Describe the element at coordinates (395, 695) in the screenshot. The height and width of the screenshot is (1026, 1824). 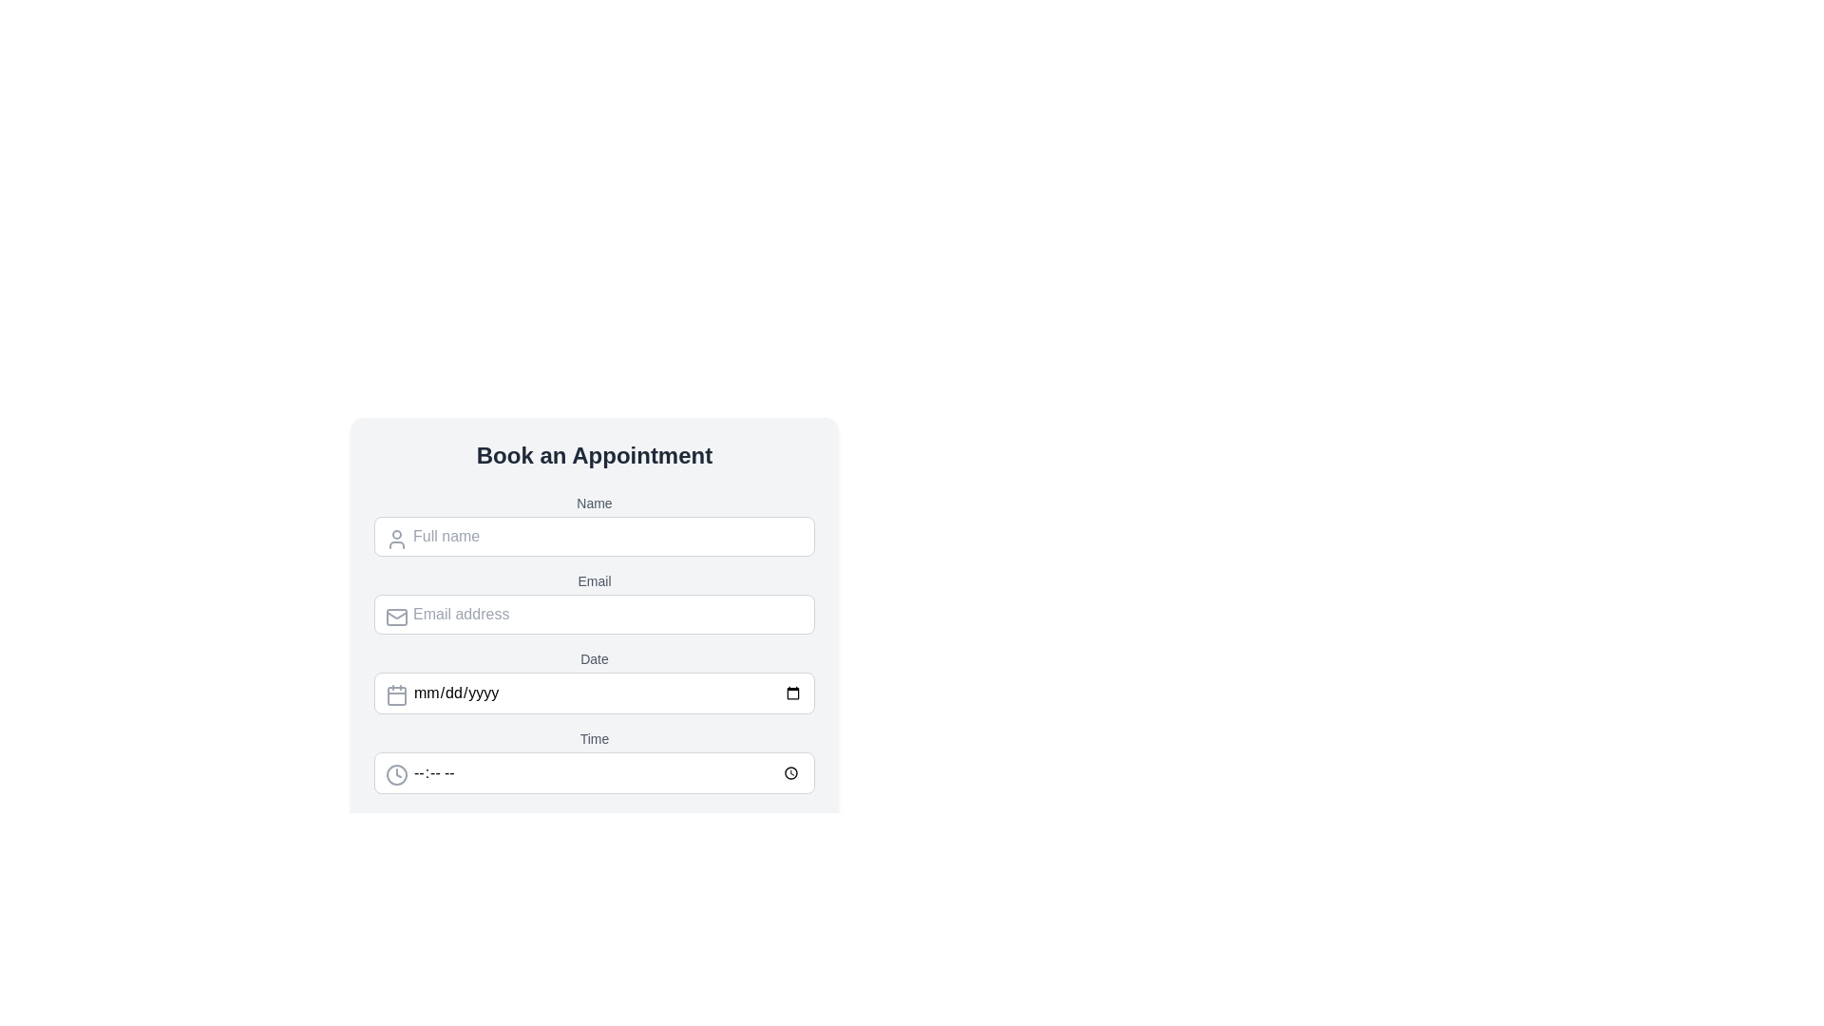
I see `the calendar icon located in the 'Date' section of the 'Book an Appointment' form` at that location.